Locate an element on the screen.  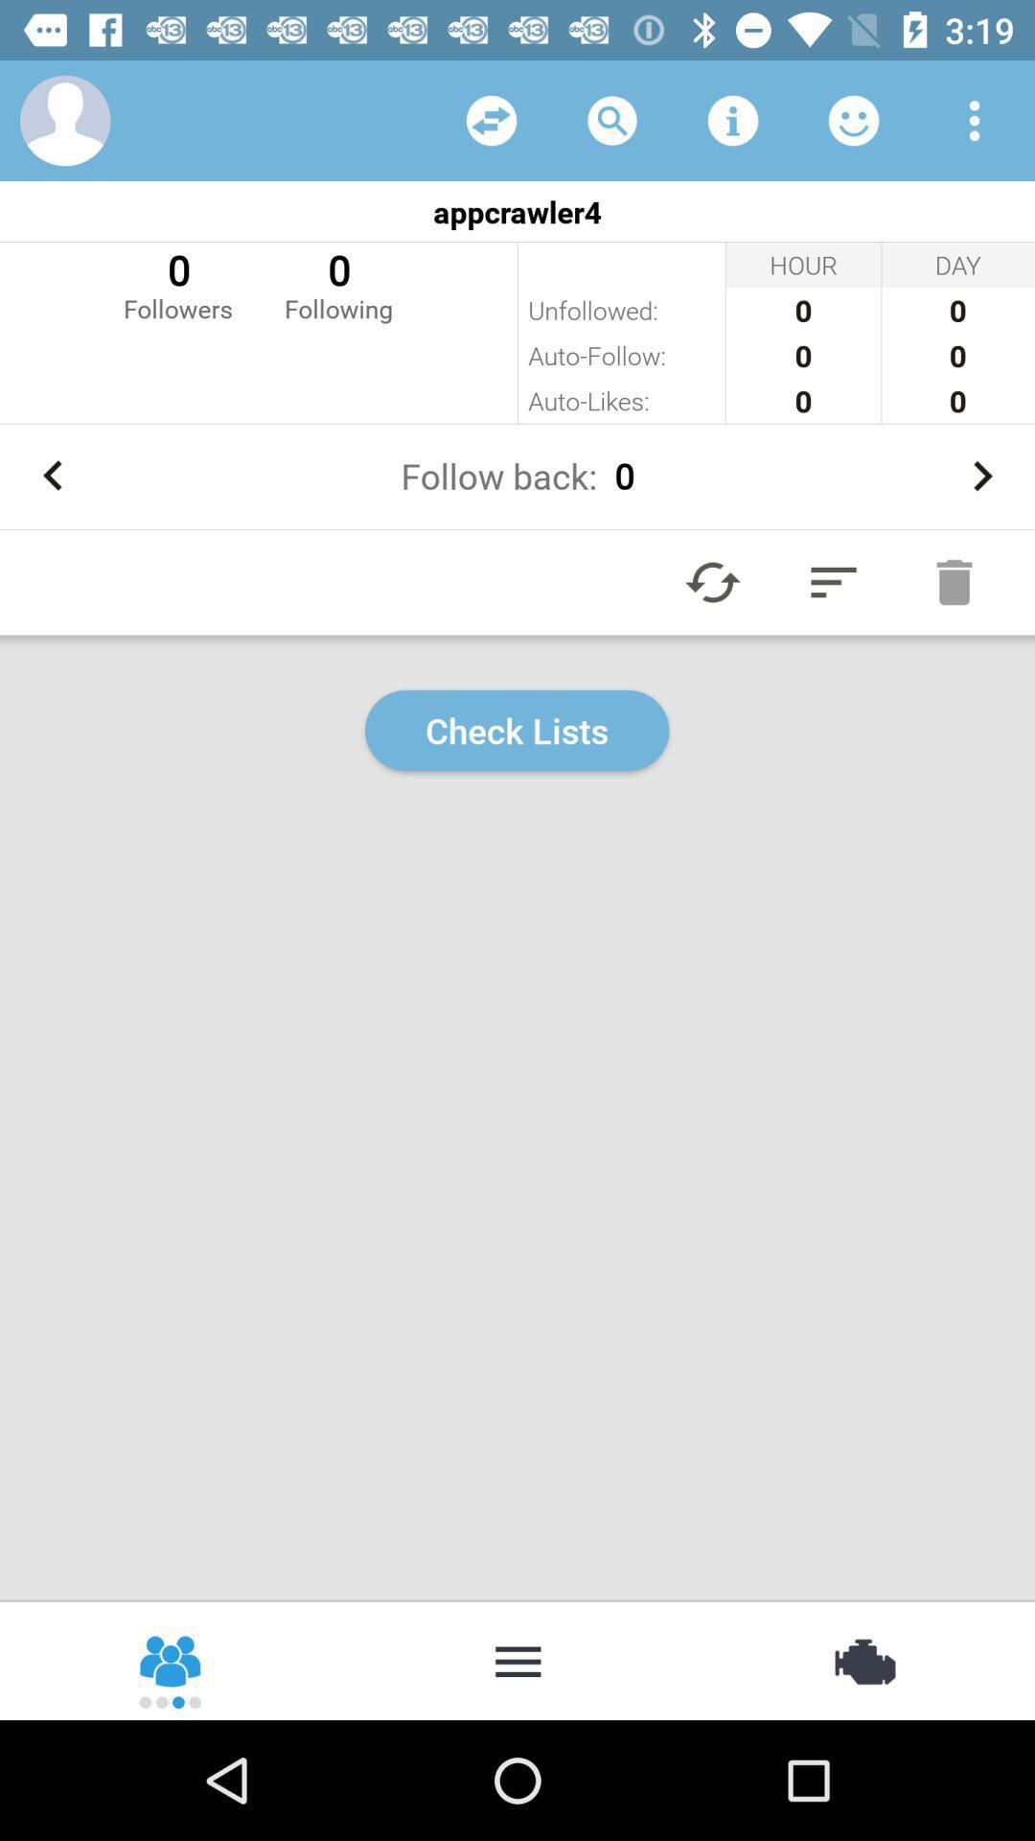
refresh is located at coordinates (713, 581).